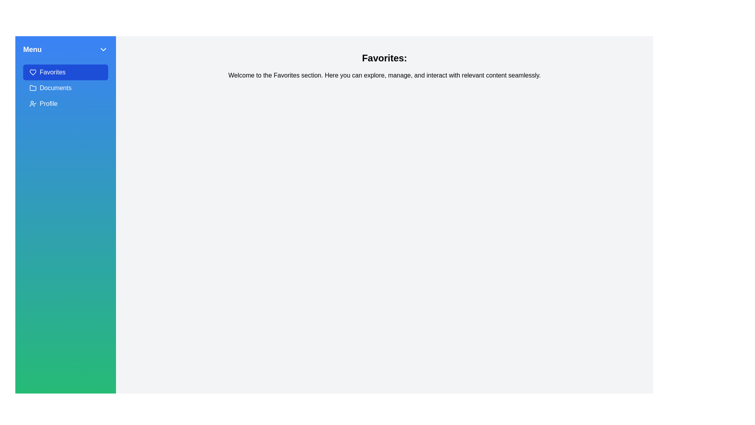 This screenshot has height=425, width=755. I want to click on the Profile tab in the drawer, so click(66, 103).